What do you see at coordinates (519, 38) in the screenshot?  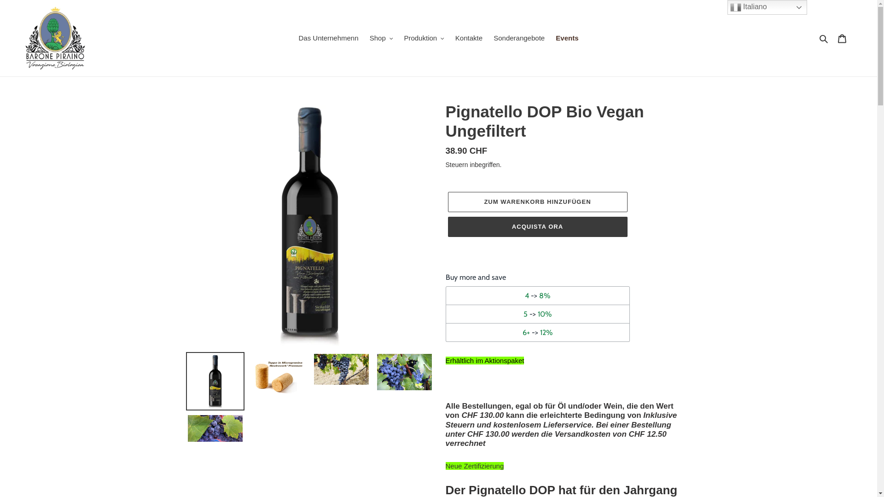 I see `'Sonderangebote'` at bounding box center [519, 38].